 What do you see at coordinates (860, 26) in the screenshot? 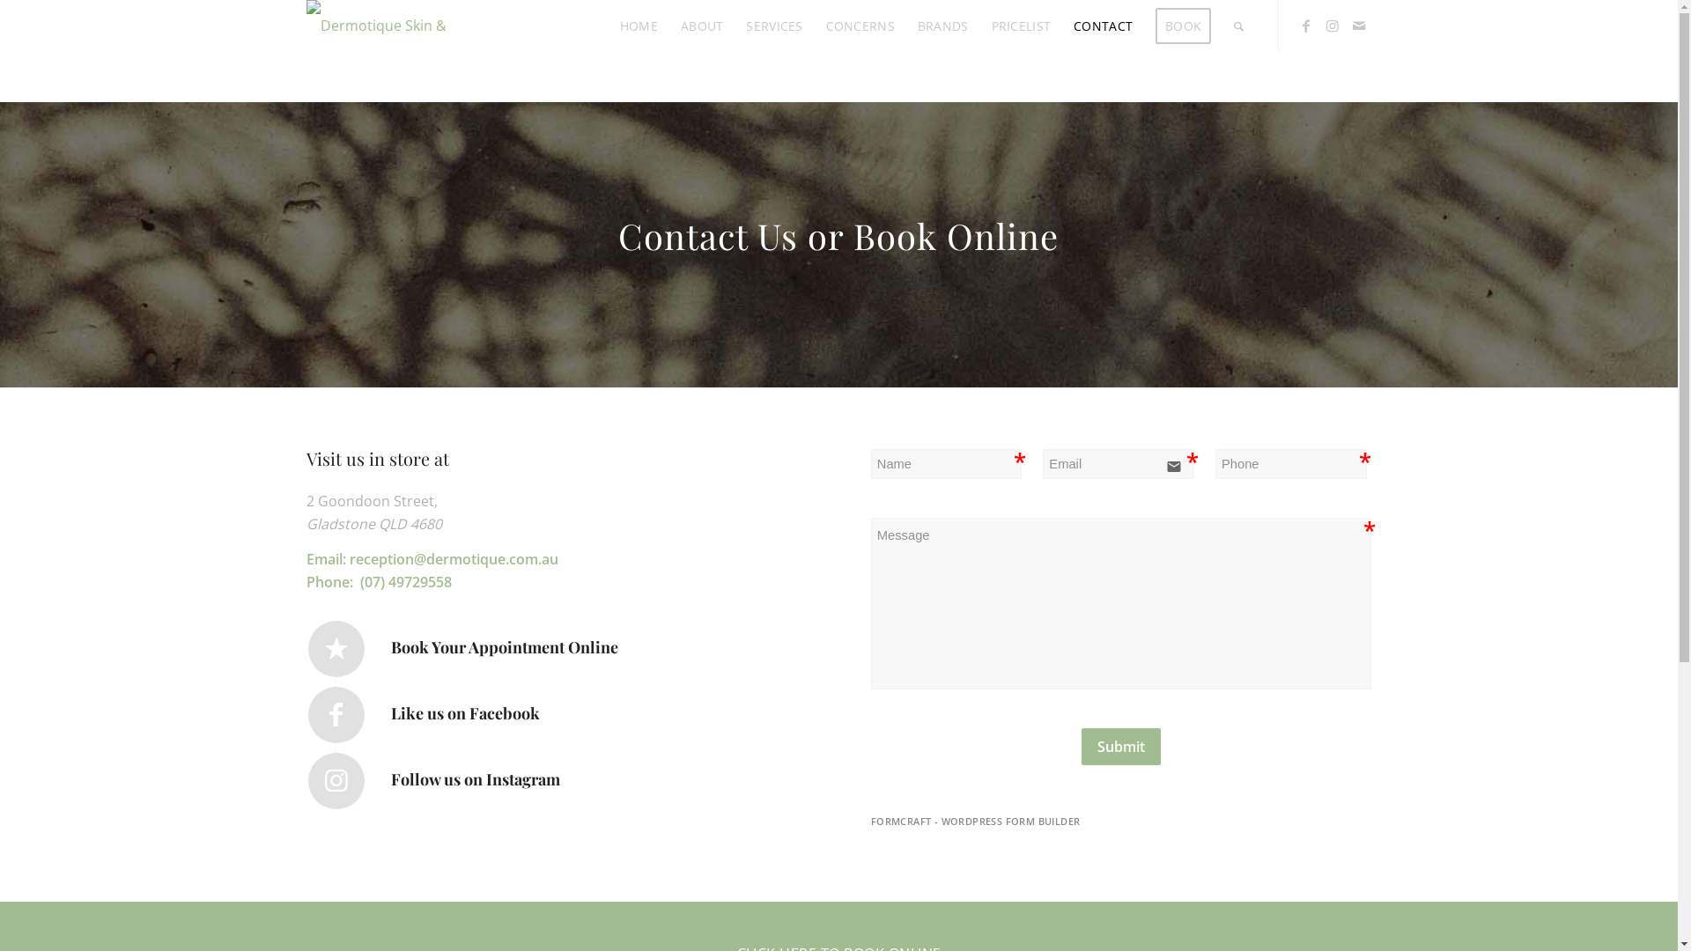
I see `'CONCERNS'` at bounding box center [860, 26].